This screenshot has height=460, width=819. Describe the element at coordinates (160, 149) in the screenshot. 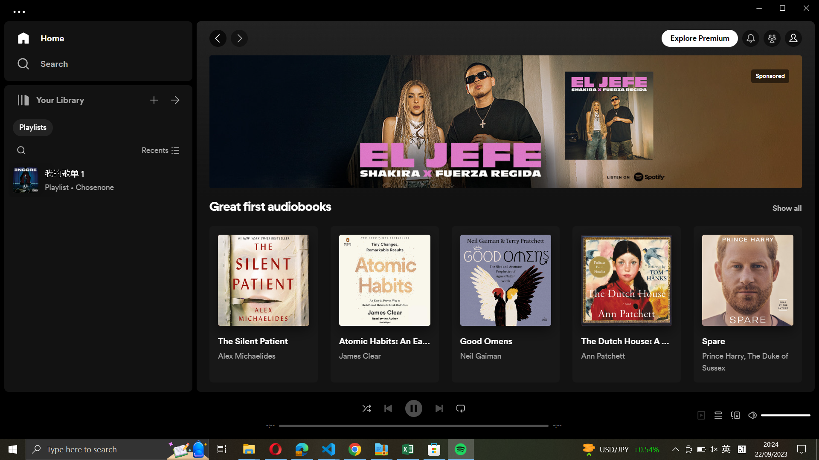

I see `End the currently open audiobook files` at that location.